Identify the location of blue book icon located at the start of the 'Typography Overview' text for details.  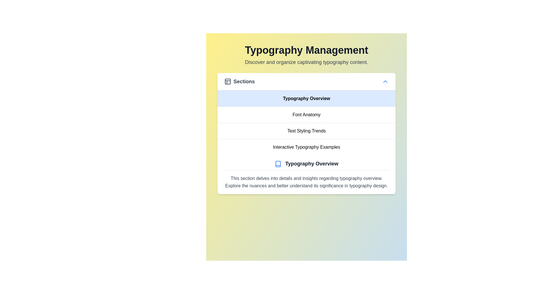
(278, 164).